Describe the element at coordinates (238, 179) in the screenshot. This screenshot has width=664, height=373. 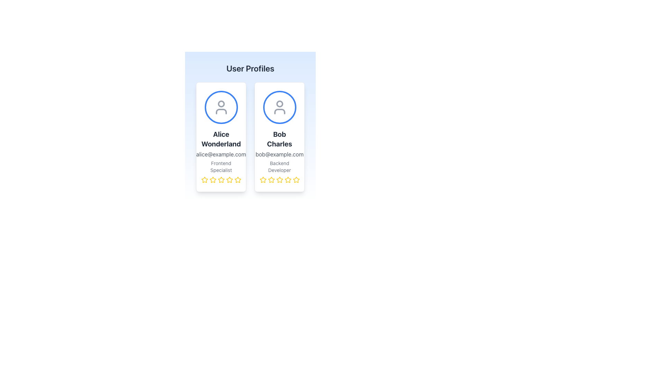
I see `the fifth star icon from the left in the rating system below the 'Alice Wonderland' profile card` at that location.